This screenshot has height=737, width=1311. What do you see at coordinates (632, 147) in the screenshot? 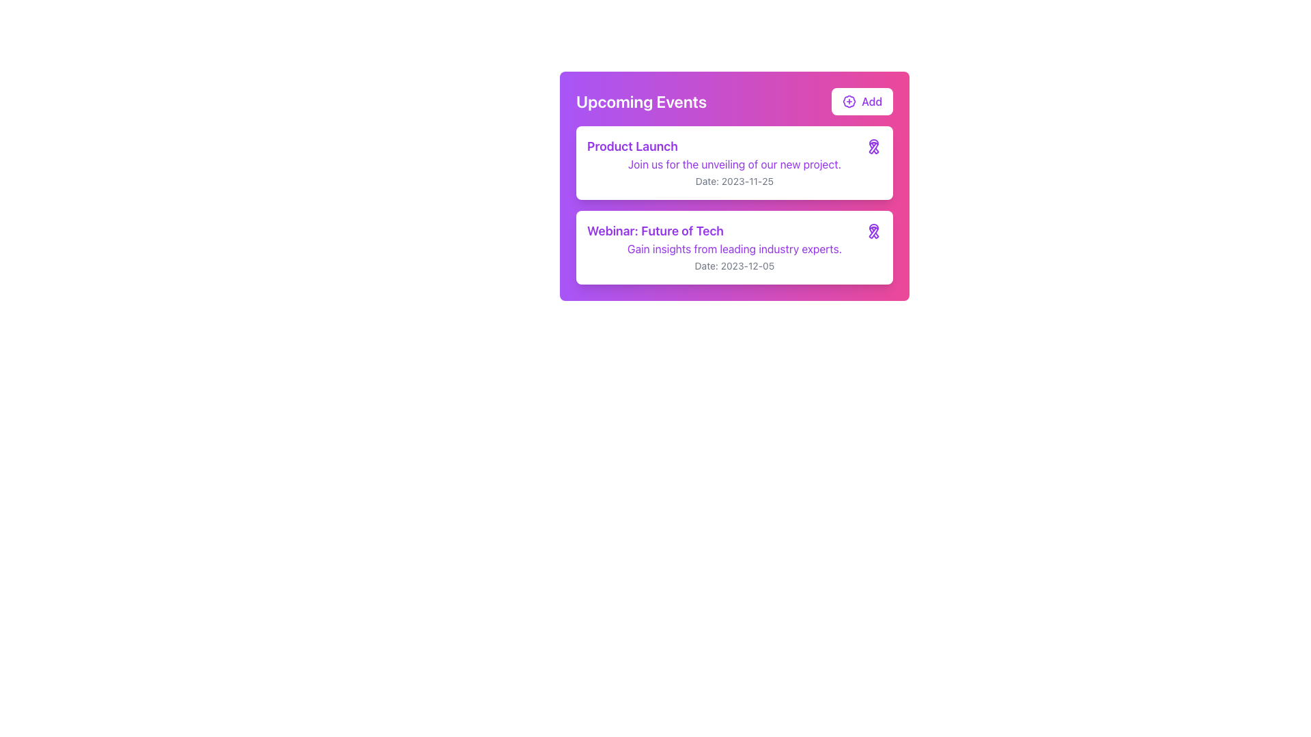
I see `the text label that serves as the title for an event, located in the top-left corner of the white card within the 'Upcoming Events' widget` at bounding box center [632, 147].